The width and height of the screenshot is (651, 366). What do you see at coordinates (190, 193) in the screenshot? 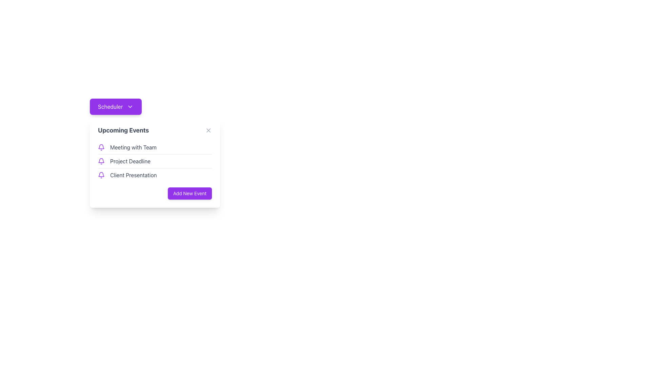
I see `the 'Add Event' button located at the bottom-right corner of the 'Upcoming Events' modal to observe the hover effect` at bounding box center [190, 193].